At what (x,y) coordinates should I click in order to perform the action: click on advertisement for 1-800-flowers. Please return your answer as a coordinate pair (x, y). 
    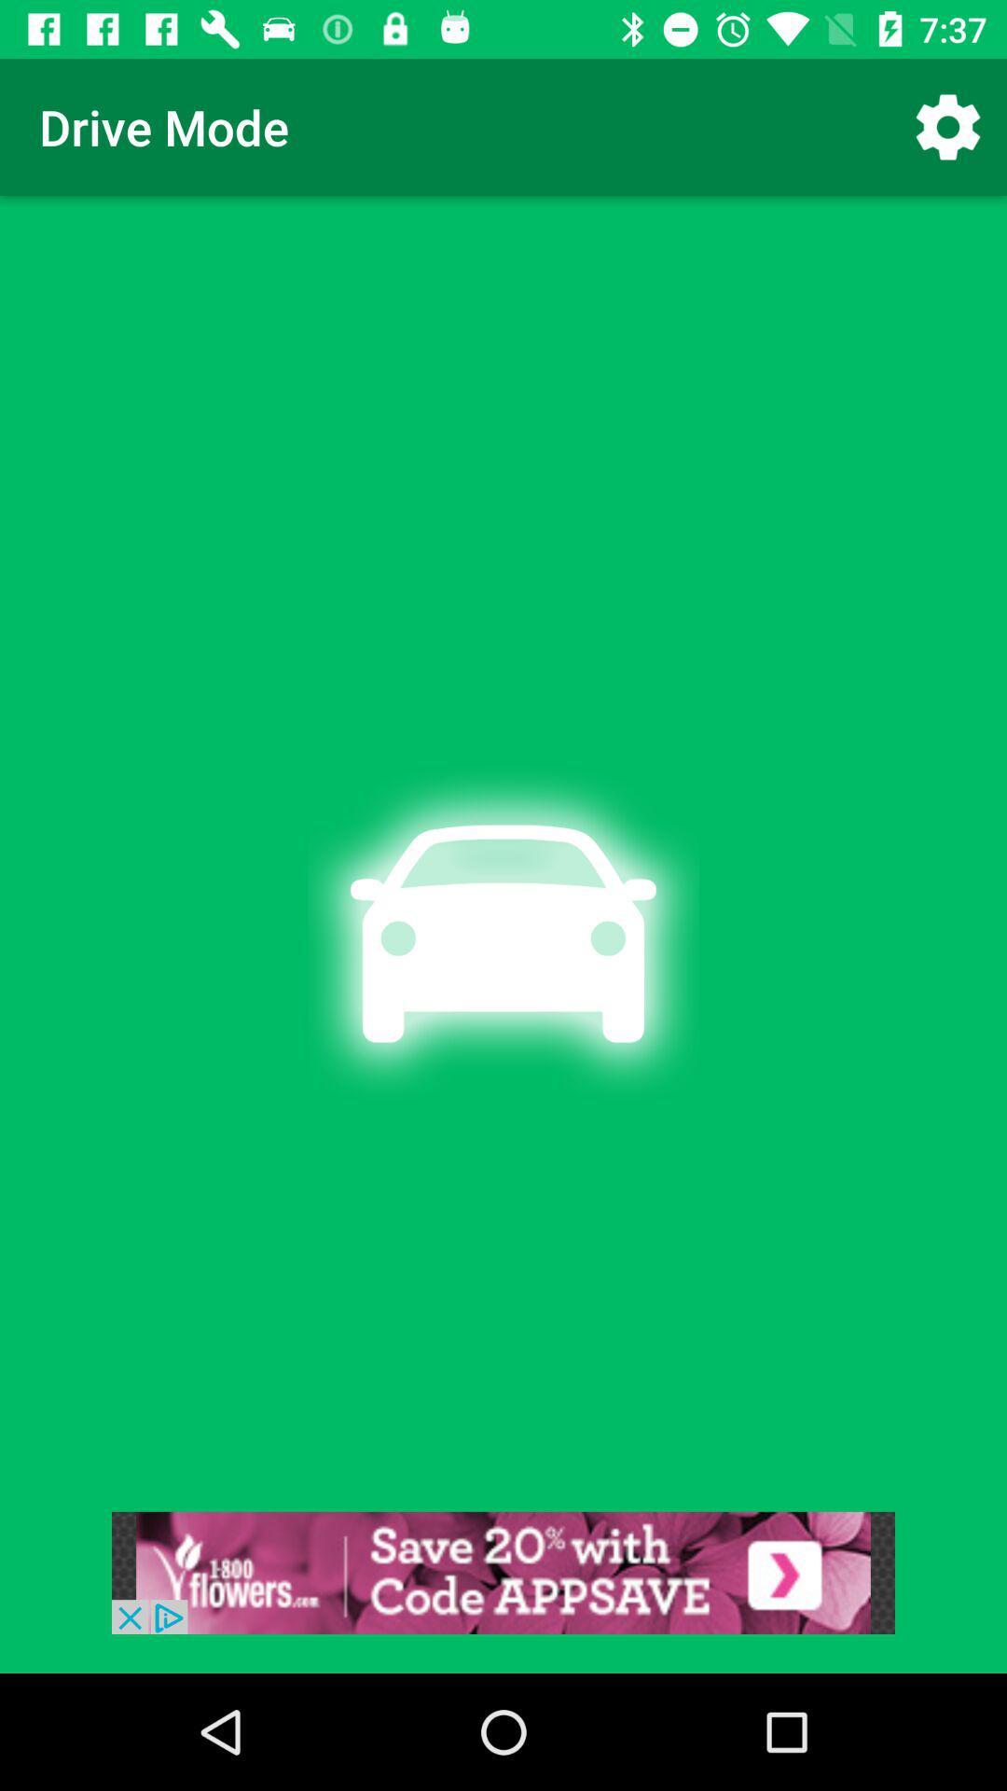
    Looking at the image, I should click on (504, 1572).